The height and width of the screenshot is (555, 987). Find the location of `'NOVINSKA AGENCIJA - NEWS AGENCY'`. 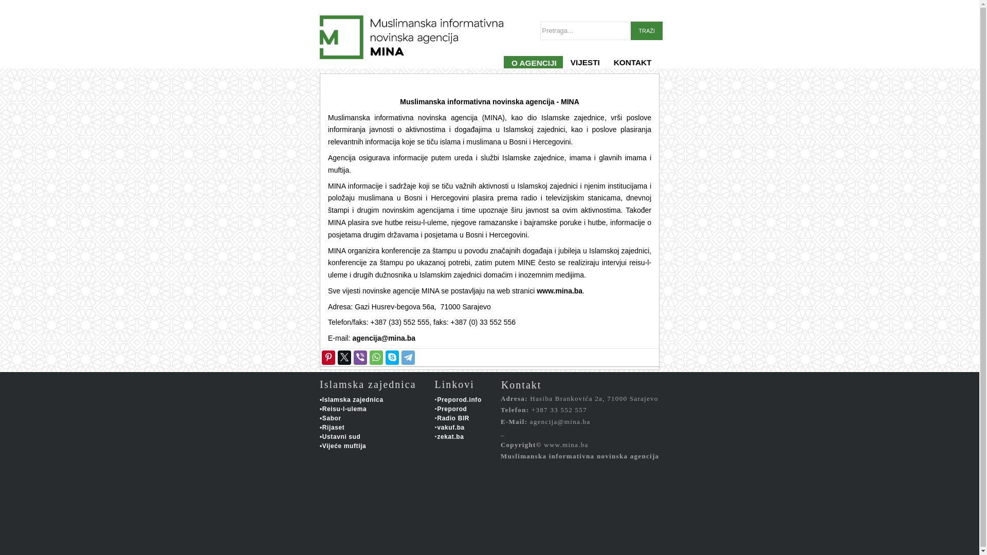

'NOVINSKA AGENCIJA - NEWS AGENCY' is located at coordinates (426, 68).